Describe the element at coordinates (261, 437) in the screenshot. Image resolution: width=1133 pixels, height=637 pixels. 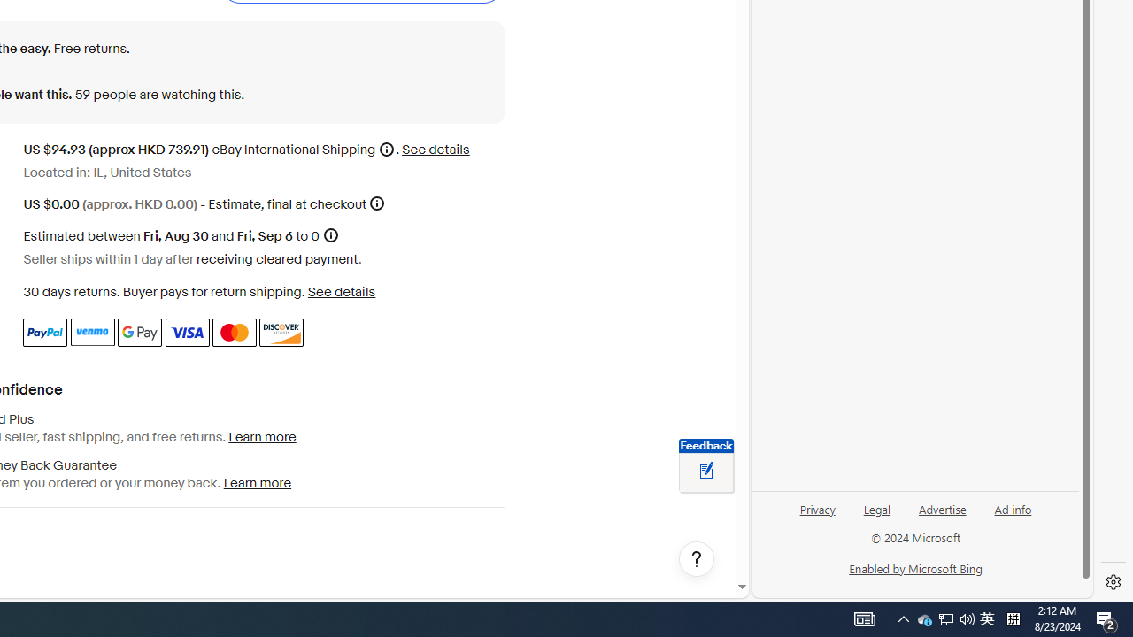
I see `'Learn more - Top Rated Plus - opens in a new window or tab'` at that location.